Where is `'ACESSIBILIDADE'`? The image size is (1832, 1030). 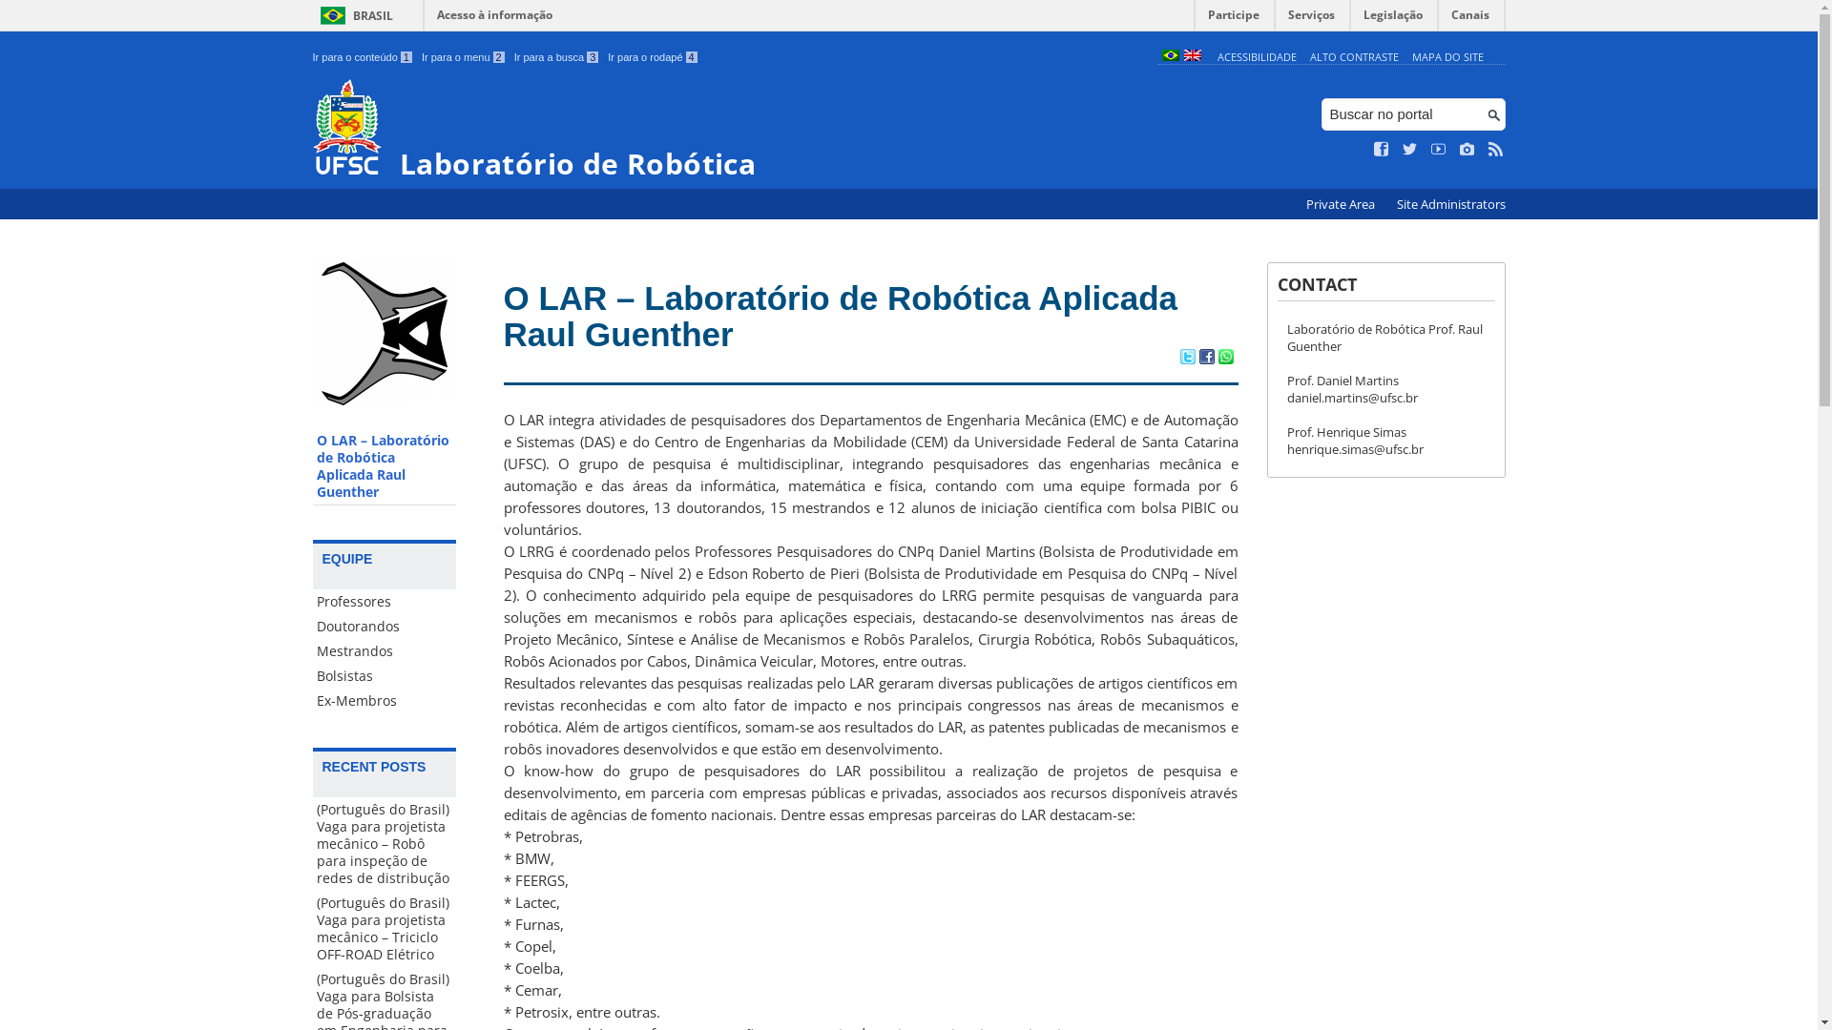 'ACESSIBILIDADE' is located at coordinates (1257, 55).